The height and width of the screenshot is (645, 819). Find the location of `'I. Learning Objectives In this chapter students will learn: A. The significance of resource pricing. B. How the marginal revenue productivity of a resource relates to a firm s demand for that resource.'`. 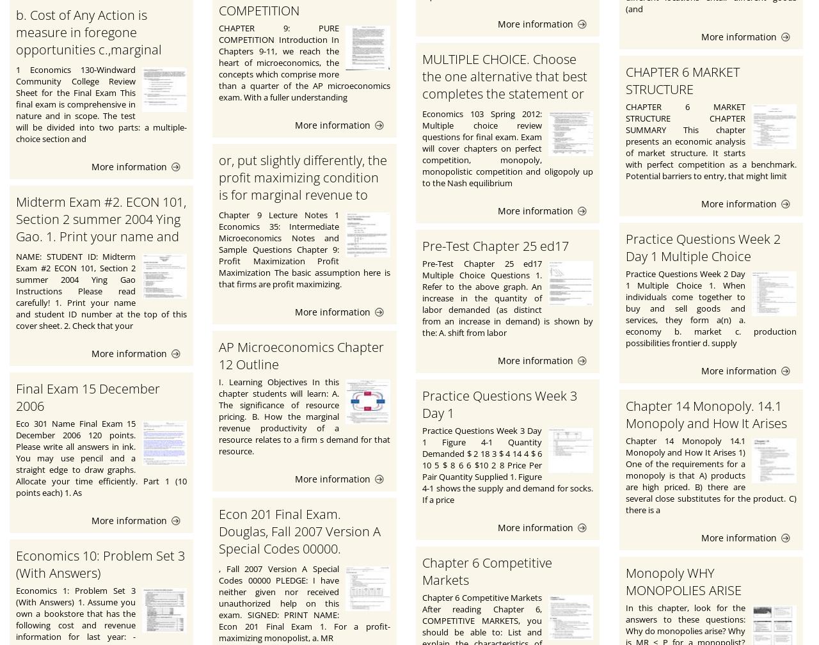

'I. Learning Objectives In this chapter students will learn: A. The significance of resource pricing. B. How the marginal revenue productivity of a resource relates to a firm s demand for that resource.' is located at coordinates (303, 416).